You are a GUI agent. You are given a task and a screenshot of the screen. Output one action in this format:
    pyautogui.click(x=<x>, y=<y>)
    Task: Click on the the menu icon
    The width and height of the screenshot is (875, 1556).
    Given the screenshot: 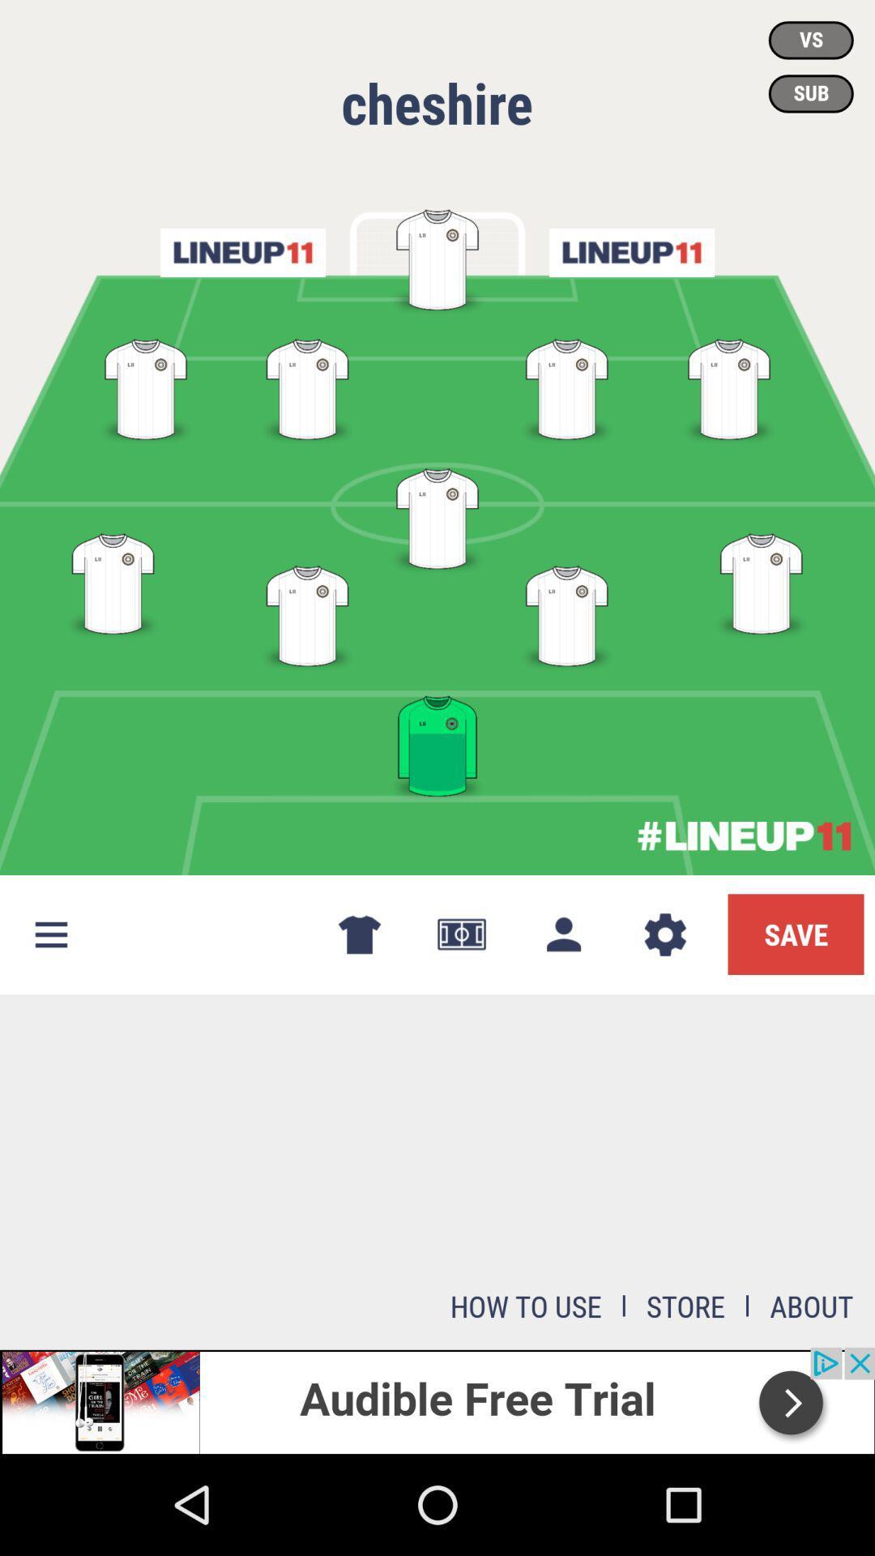 What is the action you would take?
    pyautogui.click(x=49, y=934)
    